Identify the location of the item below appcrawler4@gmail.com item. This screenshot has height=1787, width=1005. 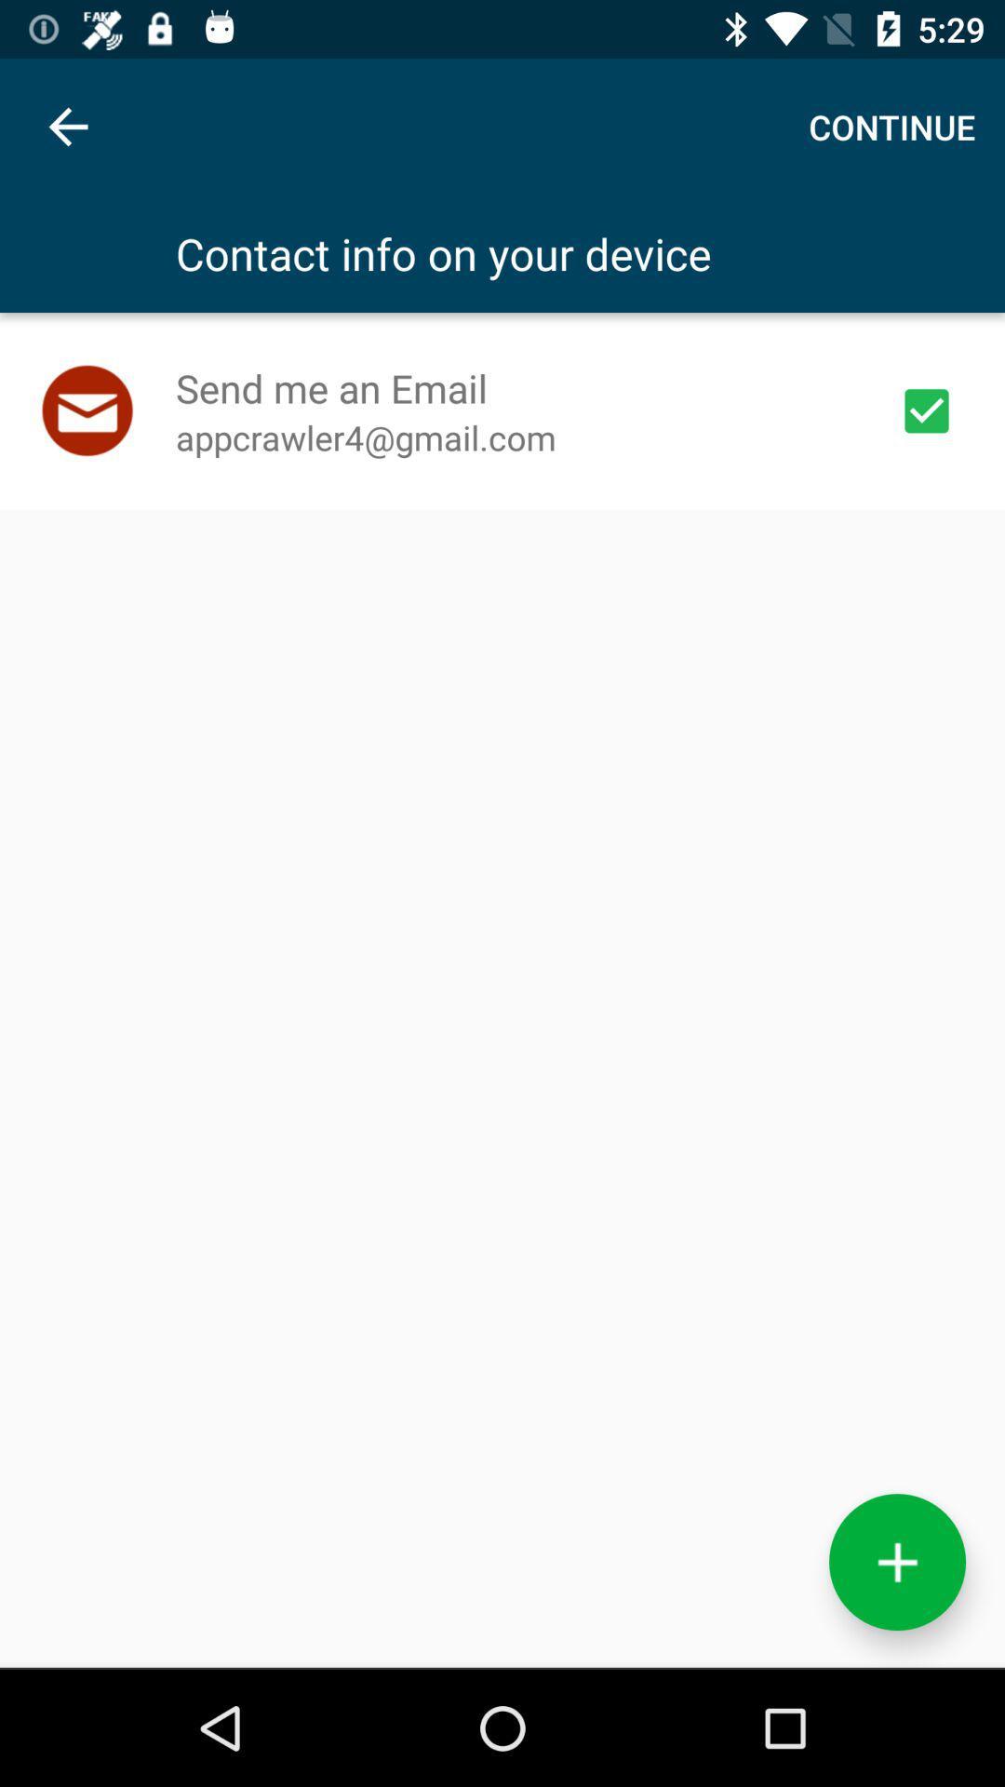
(896, 1562).